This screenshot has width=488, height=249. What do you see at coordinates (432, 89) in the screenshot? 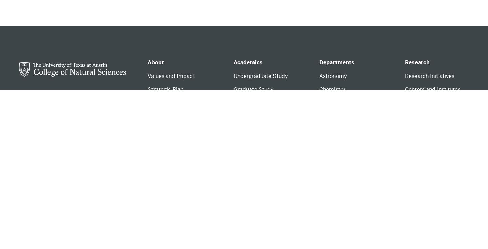
I see `'Centers and Institutes'` at bounding box center [432, 89].